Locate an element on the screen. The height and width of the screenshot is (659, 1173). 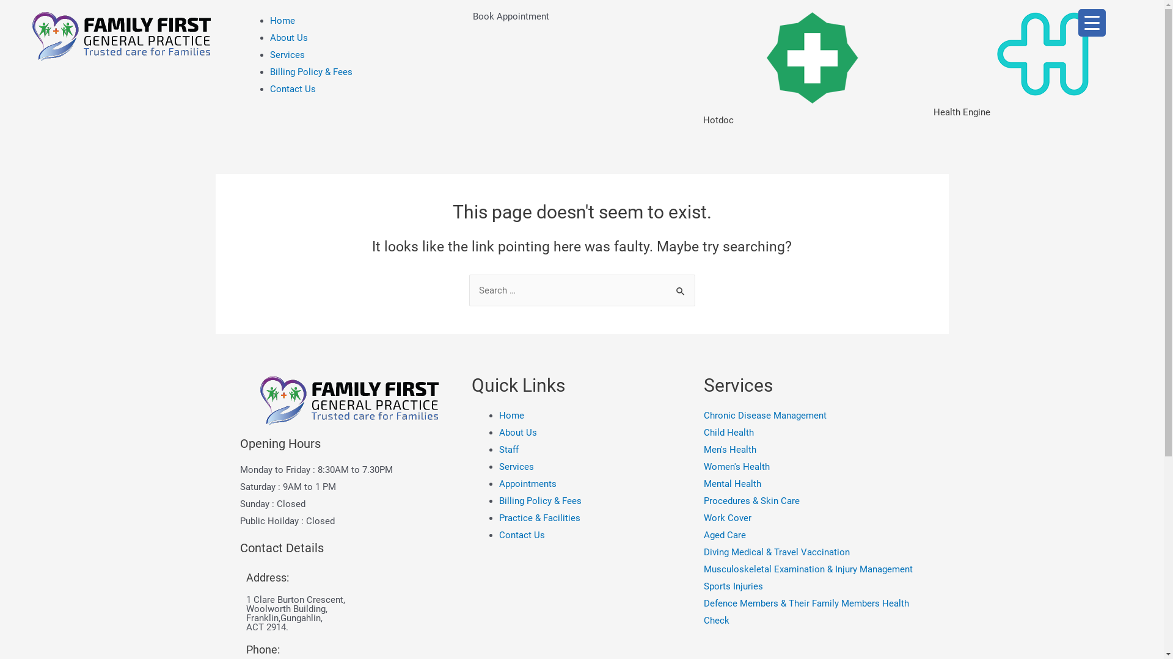
'Staff' is located at coordinates (499, 449).